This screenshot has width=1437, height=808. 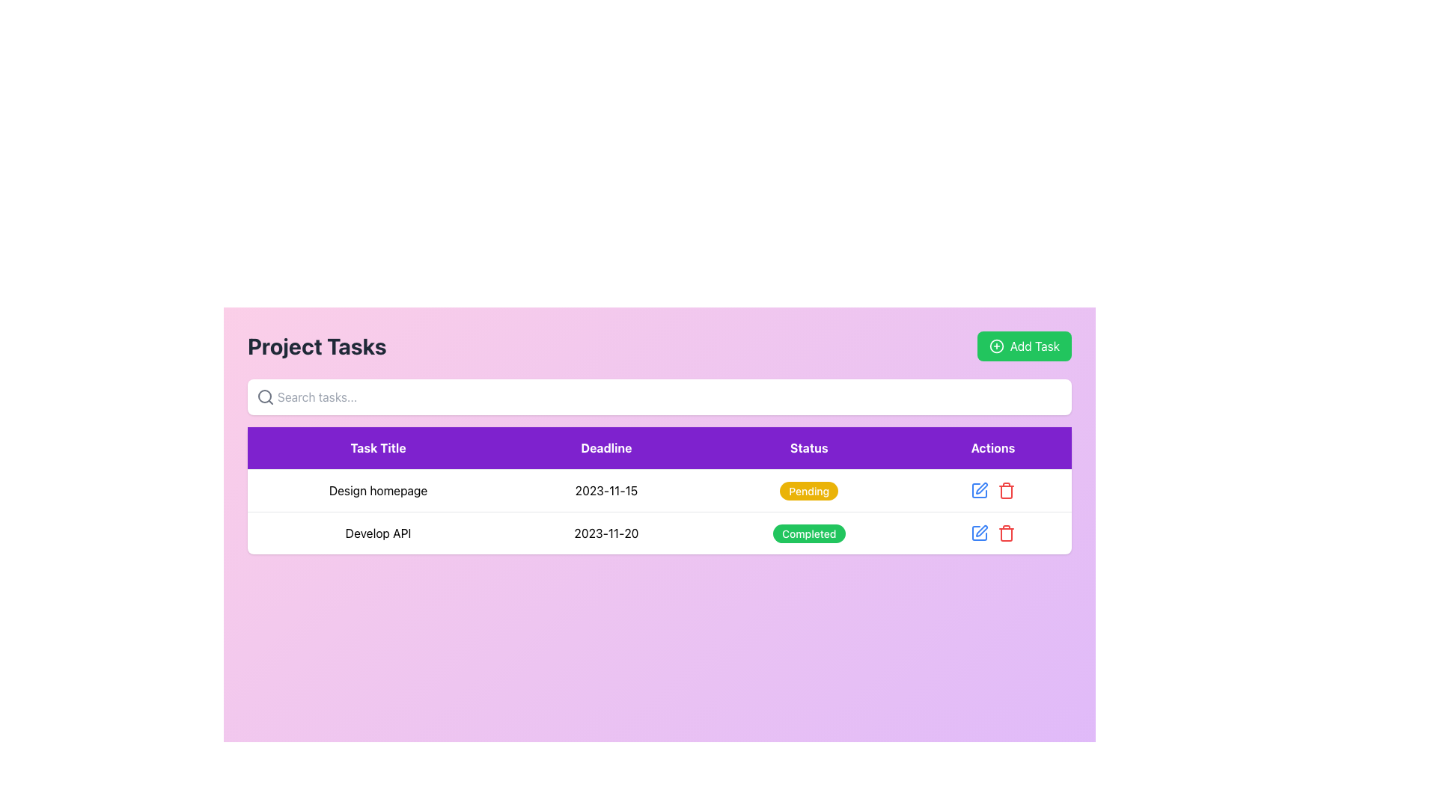 I want to click on the plus icon within the 'Add Task' button to initiate the task addition action, so click(x=996, y=346).